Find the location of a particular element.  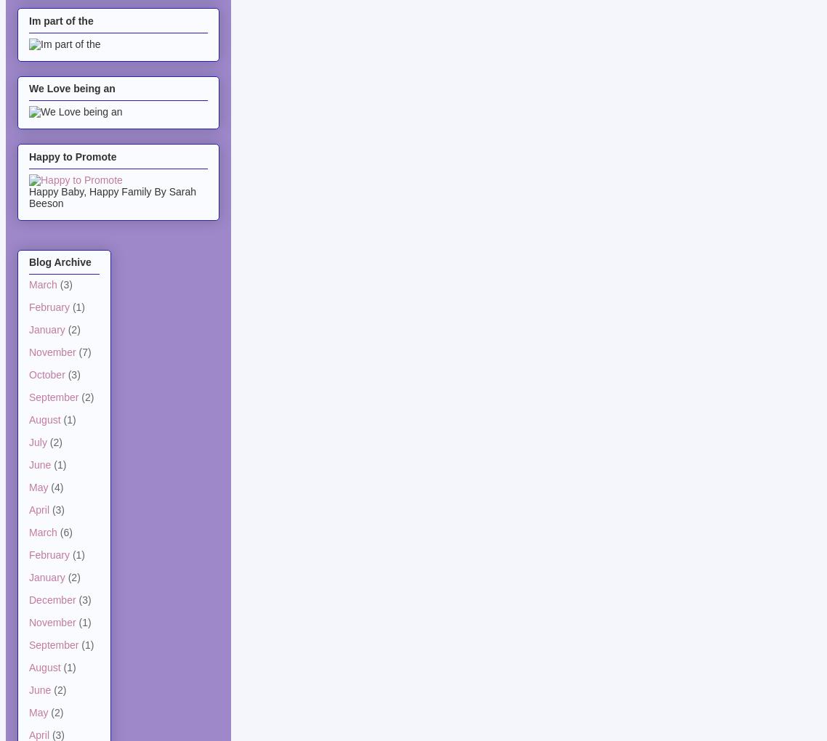

'Im part of the' is located at coordinates (60, 20).